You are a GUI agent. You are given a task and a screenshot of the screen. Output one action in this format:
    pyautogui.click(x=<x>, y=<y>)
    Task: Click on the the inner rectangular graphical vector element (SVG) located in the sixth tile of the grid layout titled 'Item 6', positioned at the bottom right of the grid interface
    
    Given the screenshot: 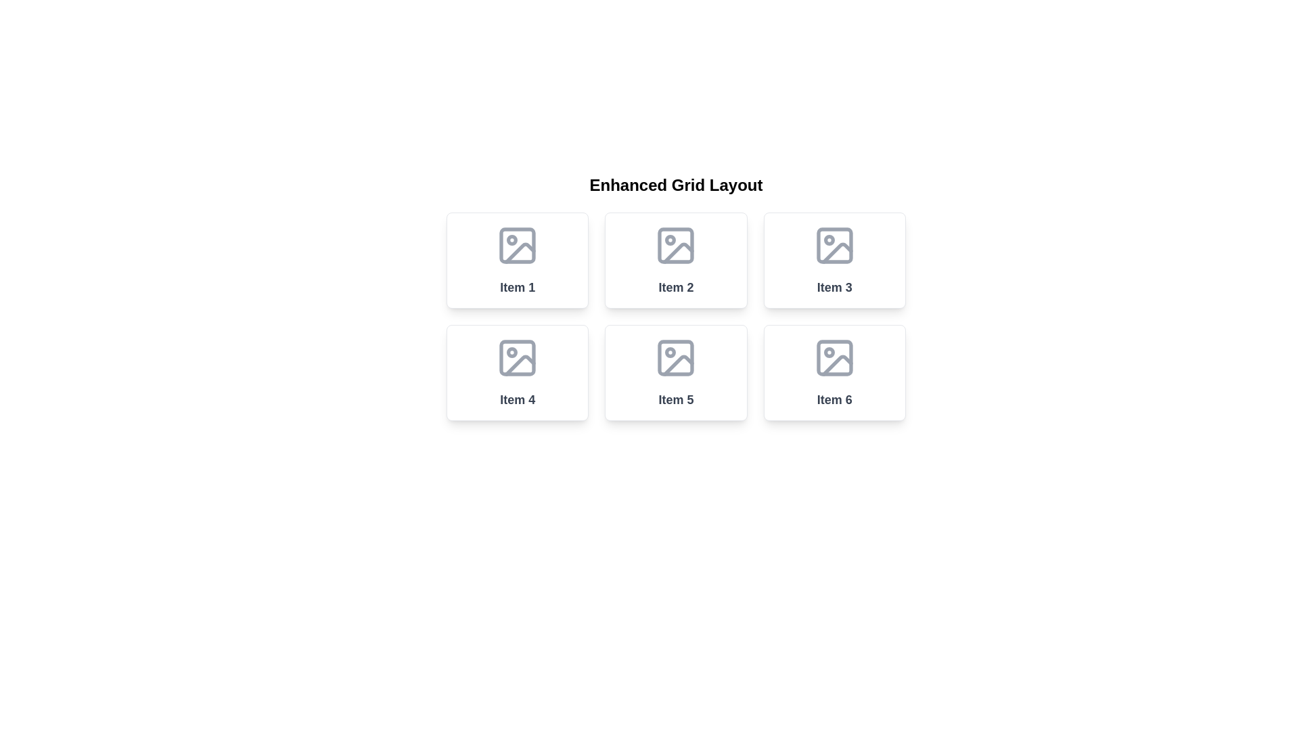 What is the action you would take?
    pyautogui.click(x=834, y=357)
    